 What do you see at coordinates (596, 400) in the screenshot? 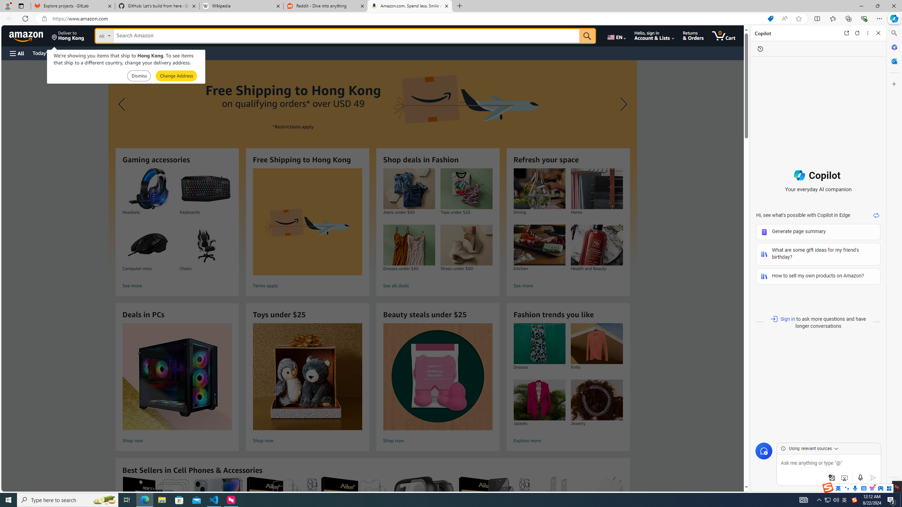
I see `'Jewelry'` at bounding box center [596, 400].